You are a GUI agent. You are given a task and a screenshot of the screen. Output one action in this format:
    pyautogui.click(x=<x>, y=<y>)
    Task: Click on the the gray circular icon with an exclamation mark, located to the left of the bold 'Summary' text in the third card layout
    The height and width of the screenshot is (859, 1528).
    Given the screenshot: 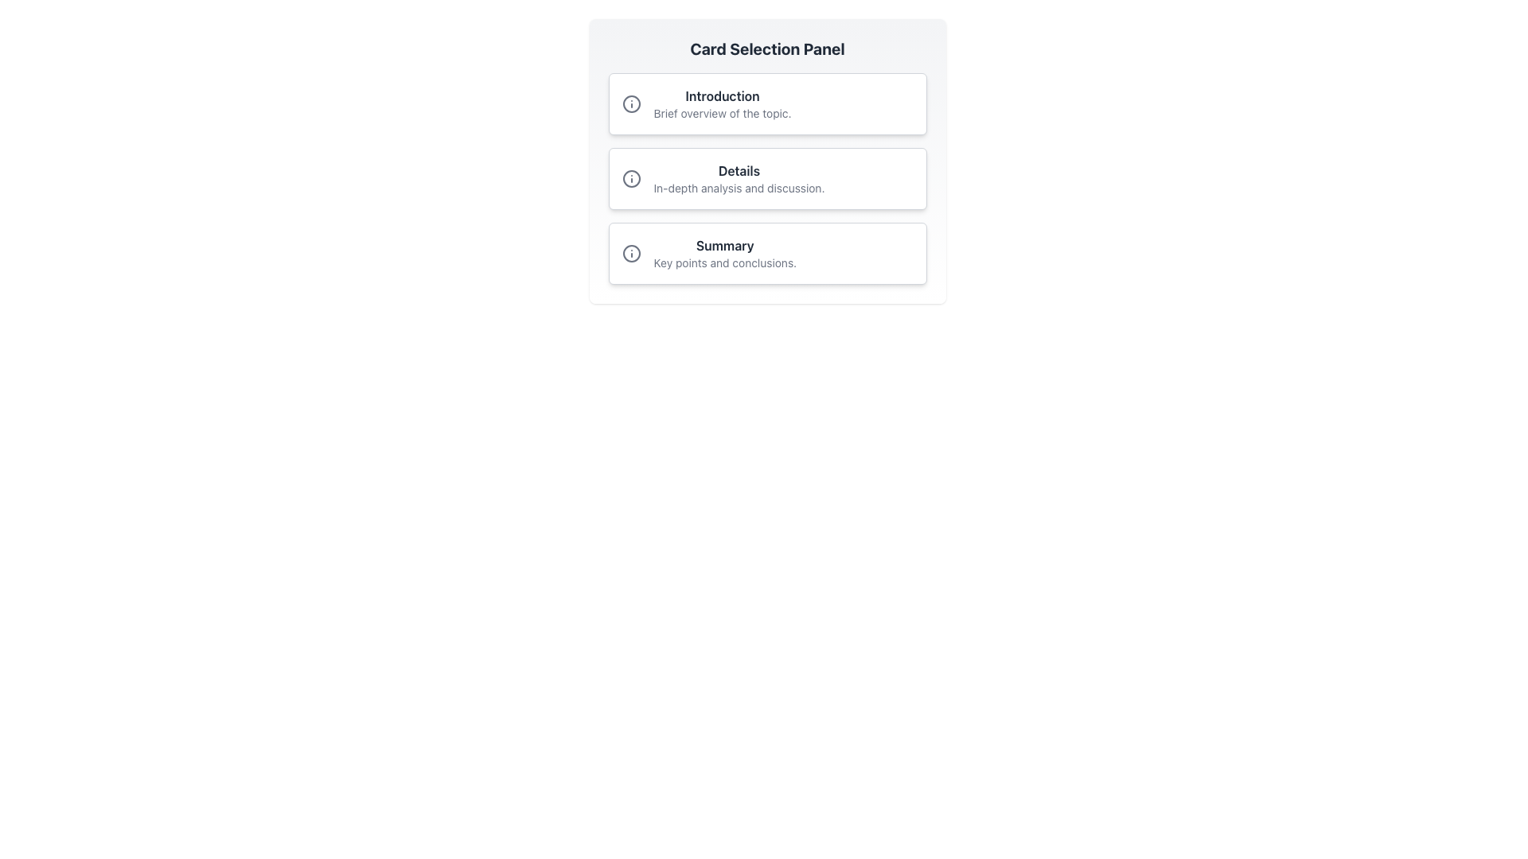 What is the action you would take?
    pyautogui.click(x=630, y=253)
    